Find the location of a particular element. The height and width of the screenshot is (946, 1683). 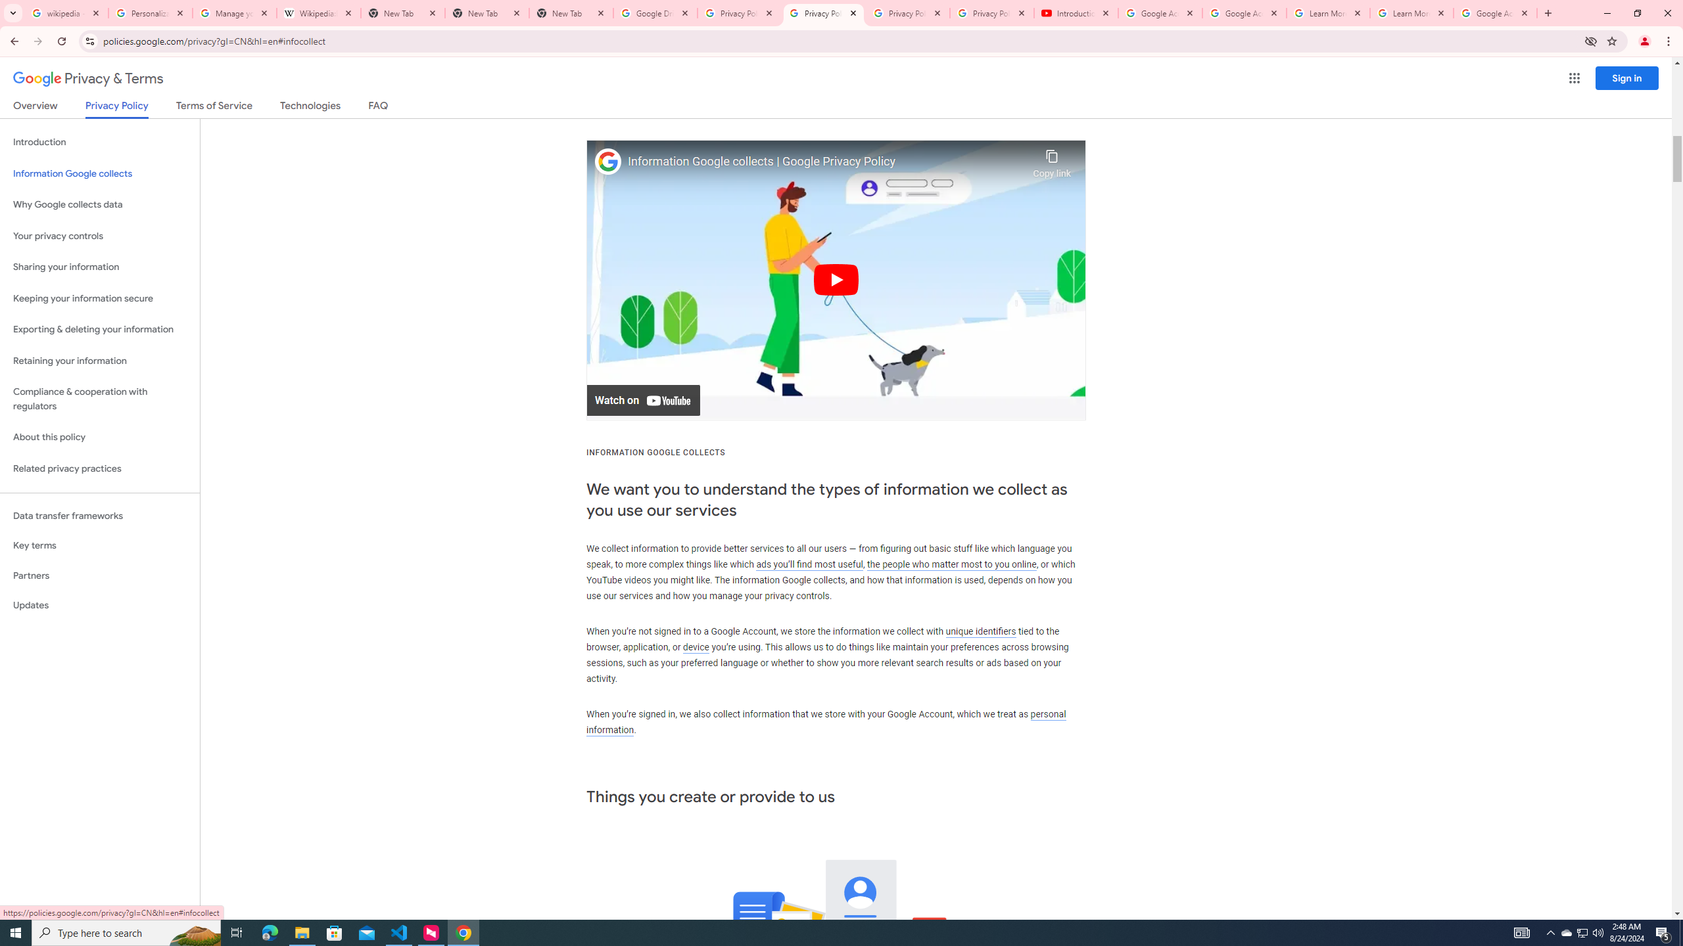

'Information Google collects' is located at coordinates (99, 173).